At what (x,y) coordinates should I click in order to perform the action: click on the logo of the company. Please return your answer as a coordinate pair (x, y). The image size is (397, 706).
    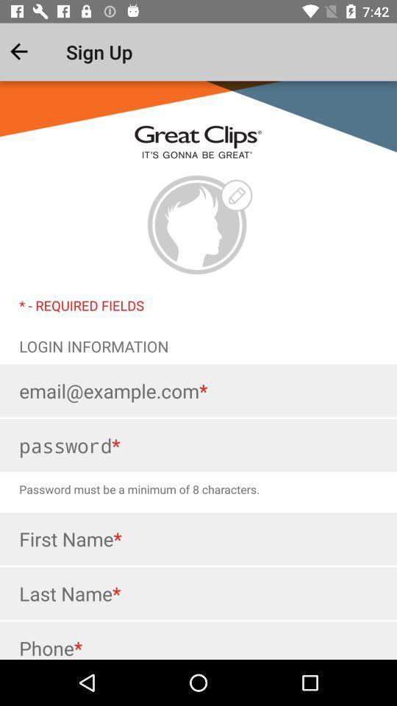
    Looking at the image, I should click on (198, 224).